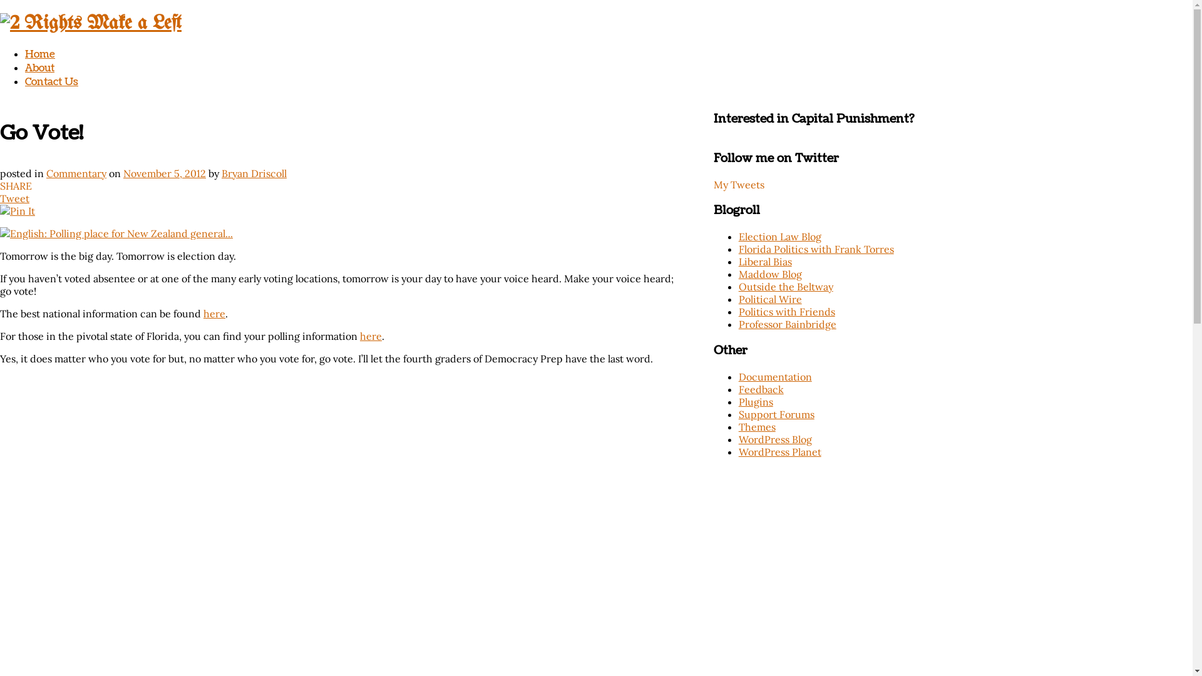  Describe the element at coordinates (39, 54) in the screenshot. I see `'Home'` at that location.